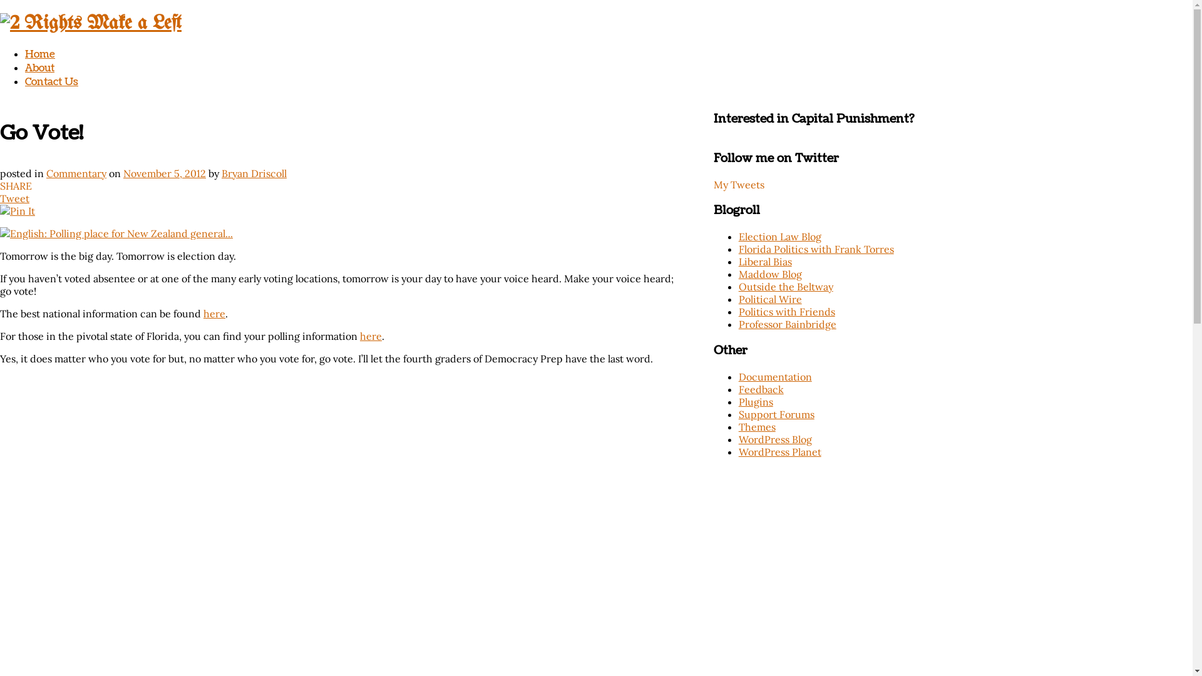  Describe the element at coordinates (39, 54) in the screenshot. I see `'Home'` at that location.